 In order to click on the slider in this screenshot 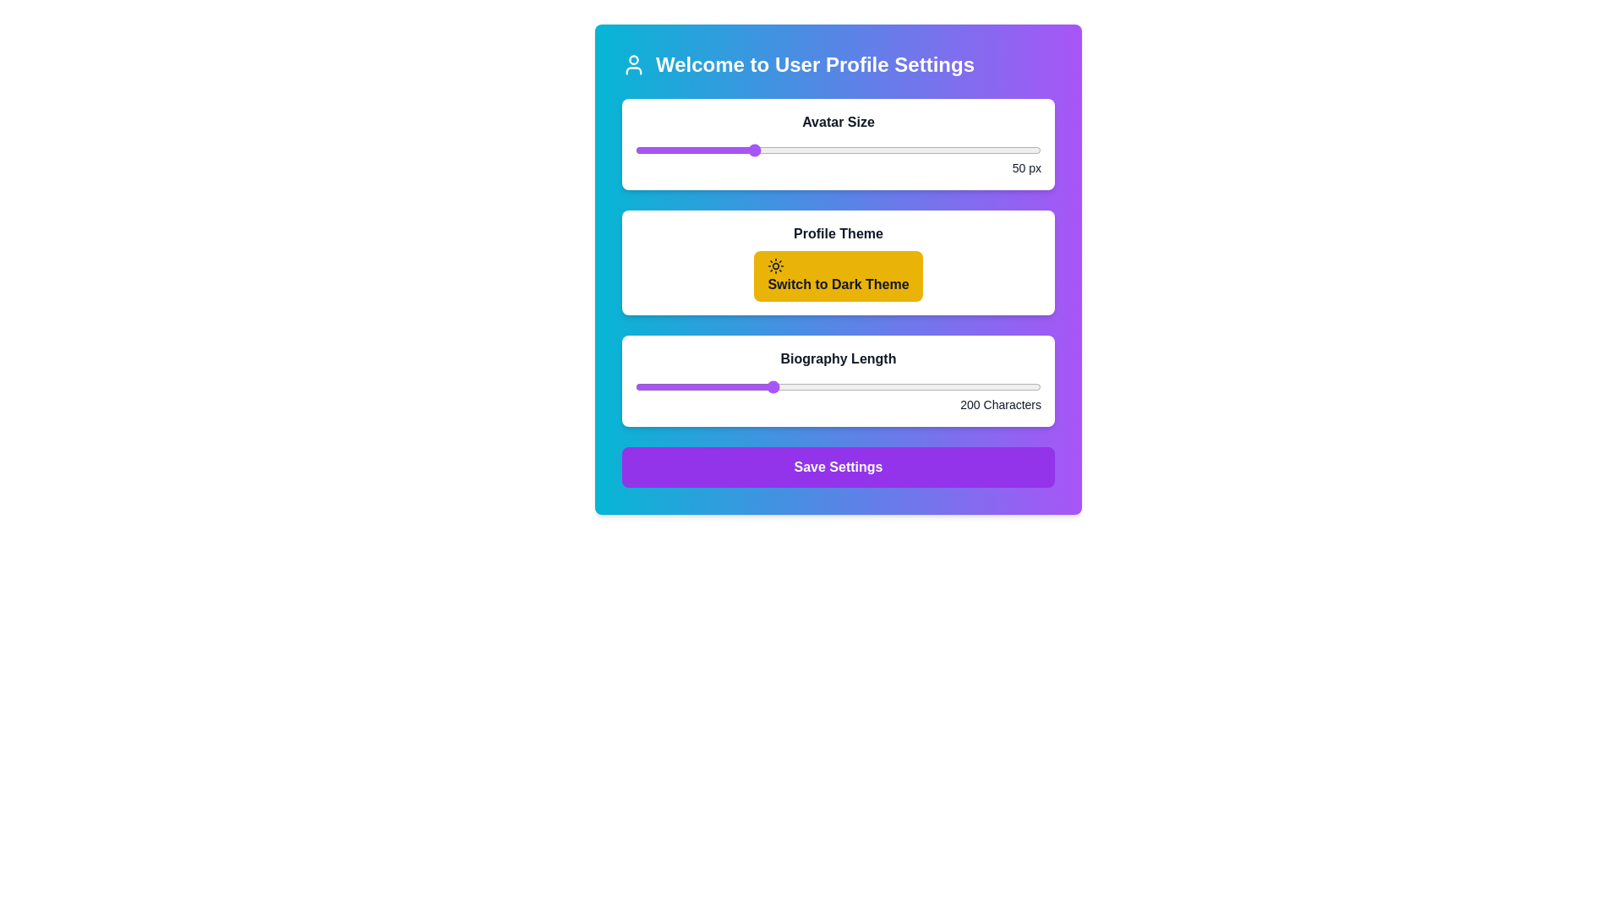, I will do `click(867, 149)`.